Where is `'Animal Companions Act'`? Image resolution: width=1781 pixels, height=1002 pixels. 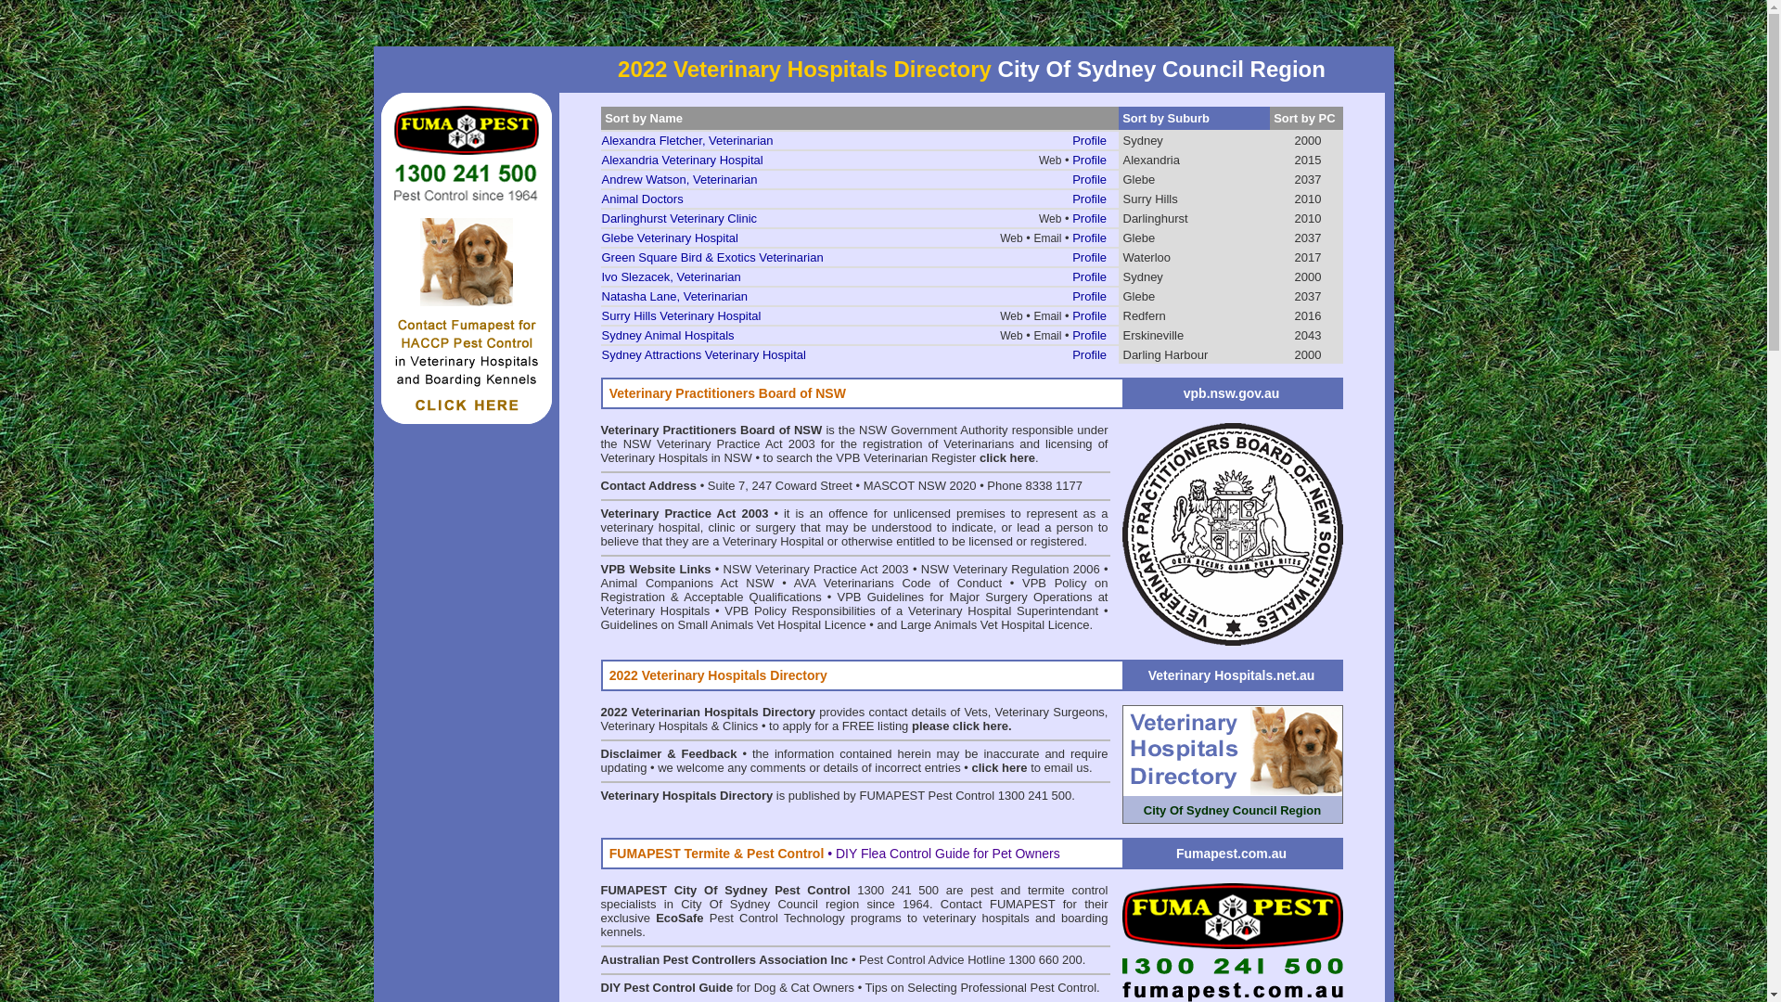 'Animal Companions Act' is located at coordinates (601, 582).